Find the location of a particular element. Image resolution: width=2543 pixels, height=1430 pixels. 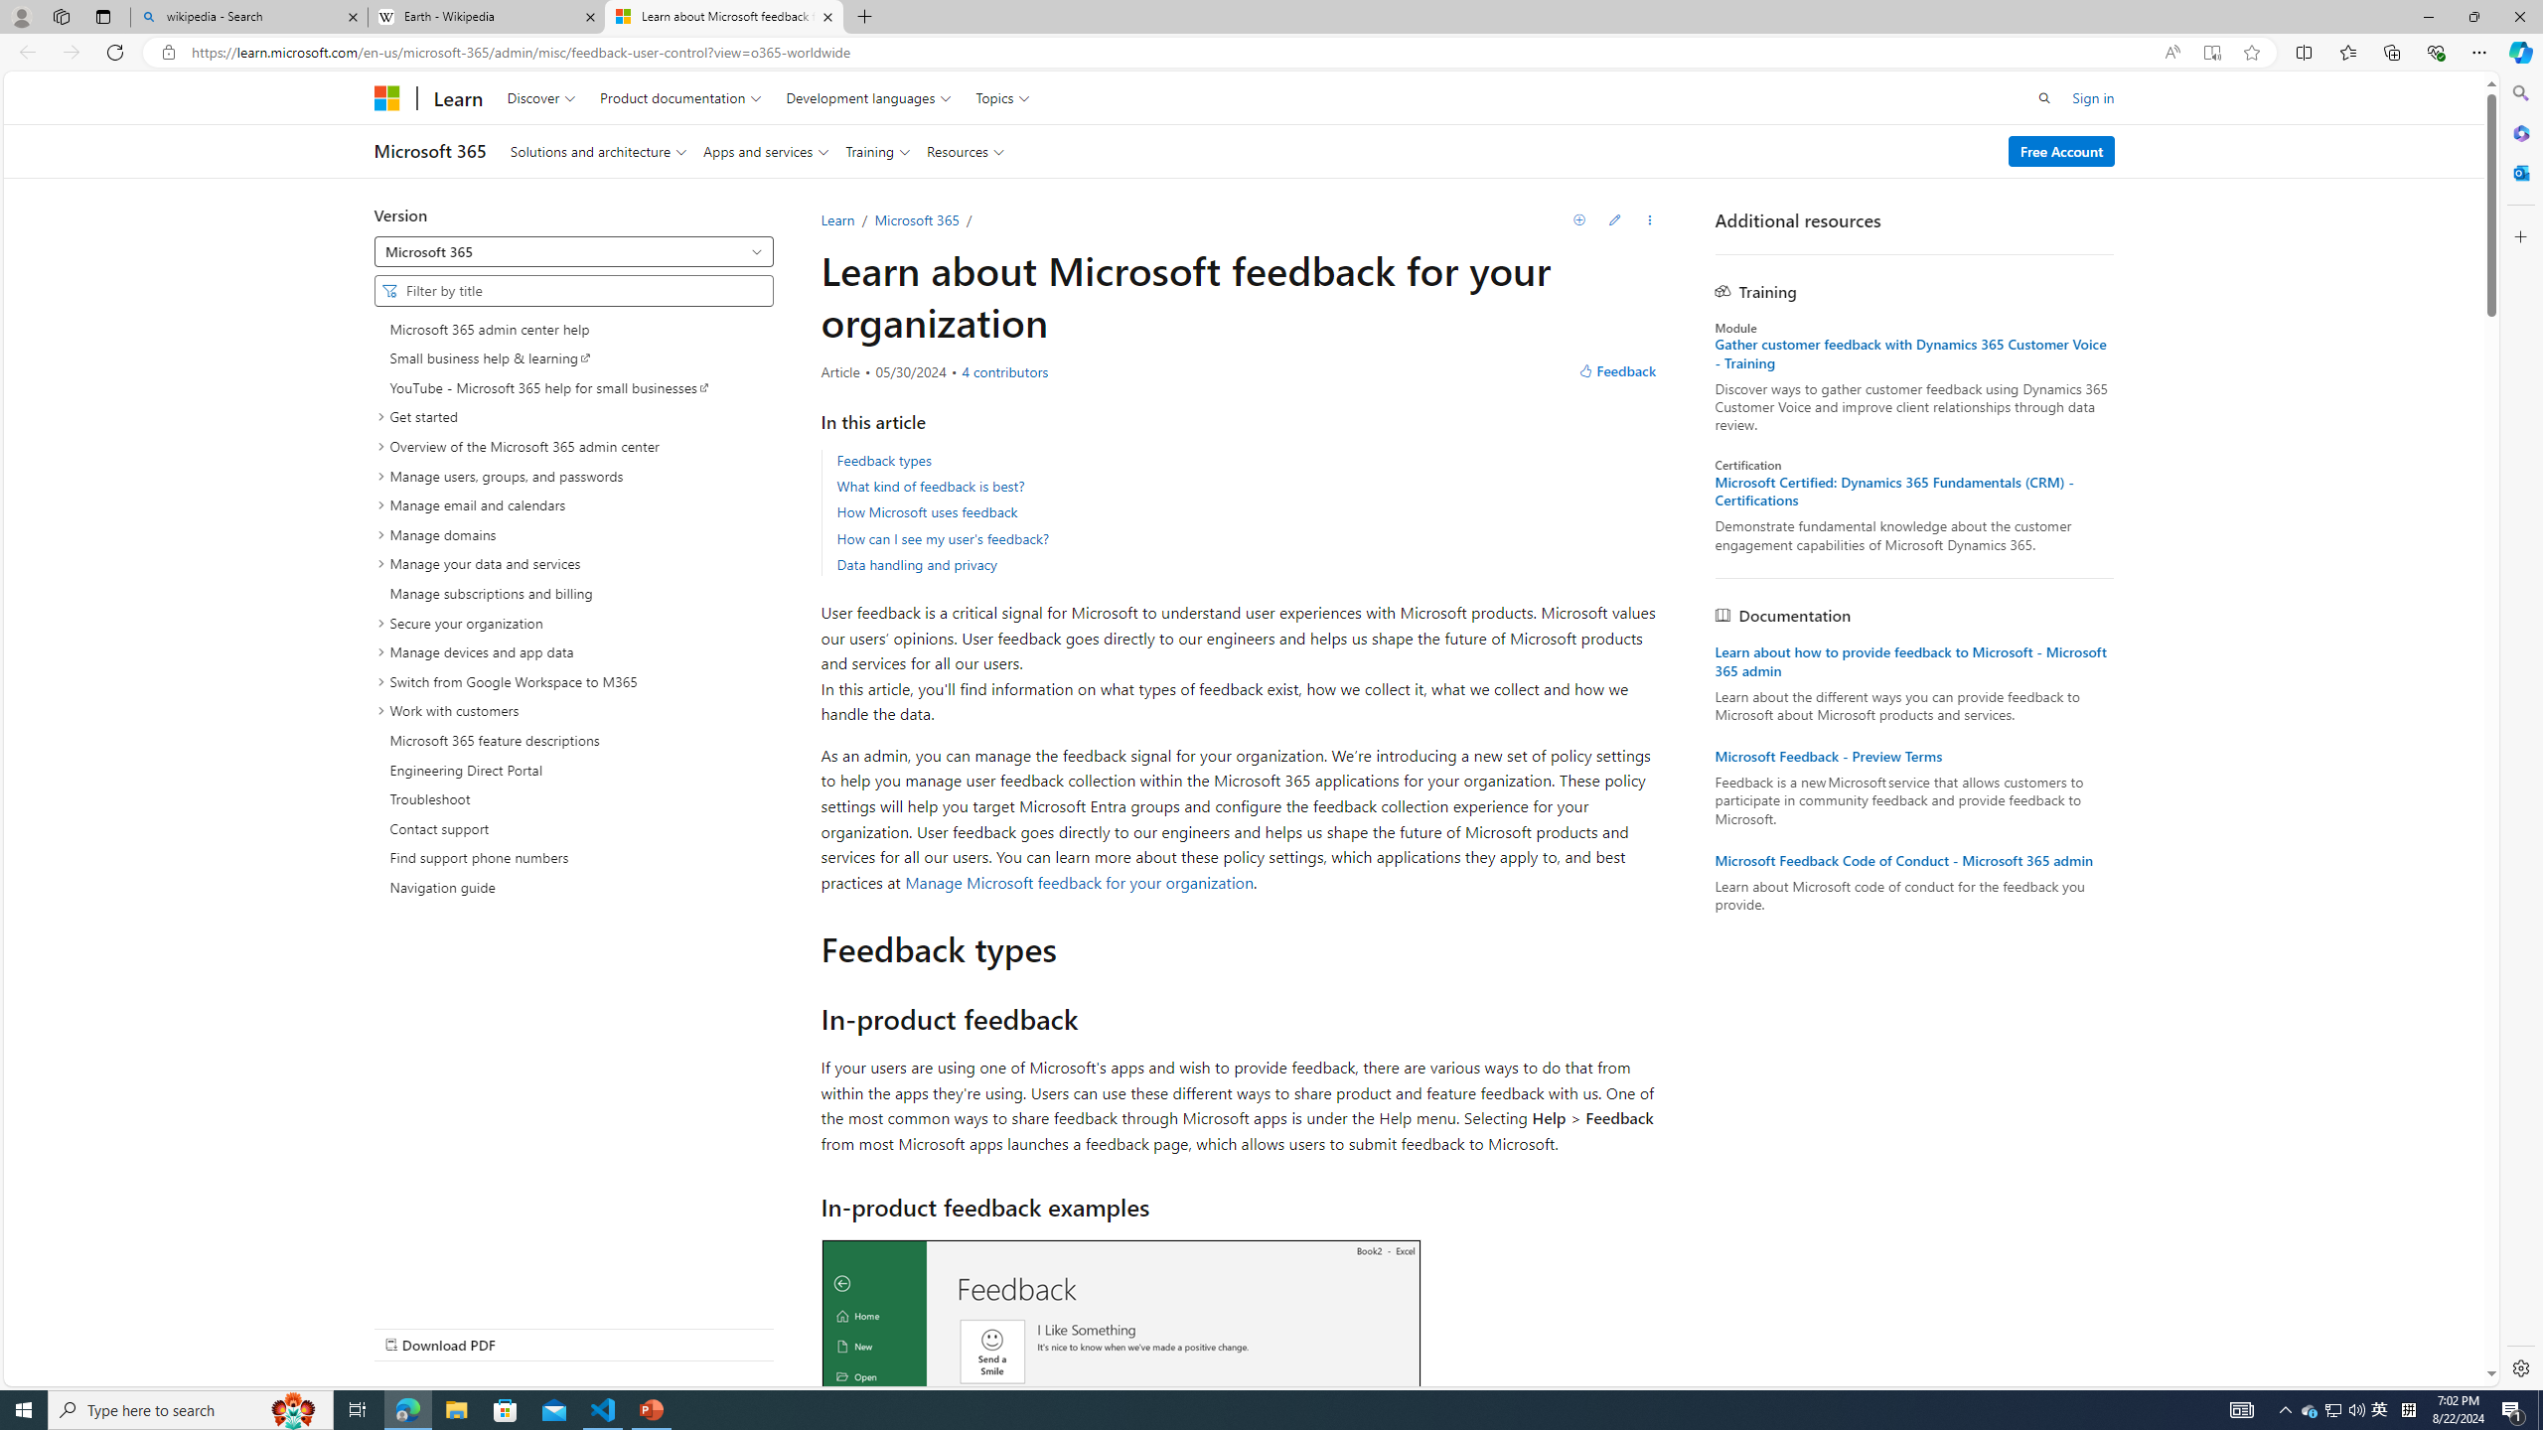

'Browser essentials' is located at coordinates (2435, 51).